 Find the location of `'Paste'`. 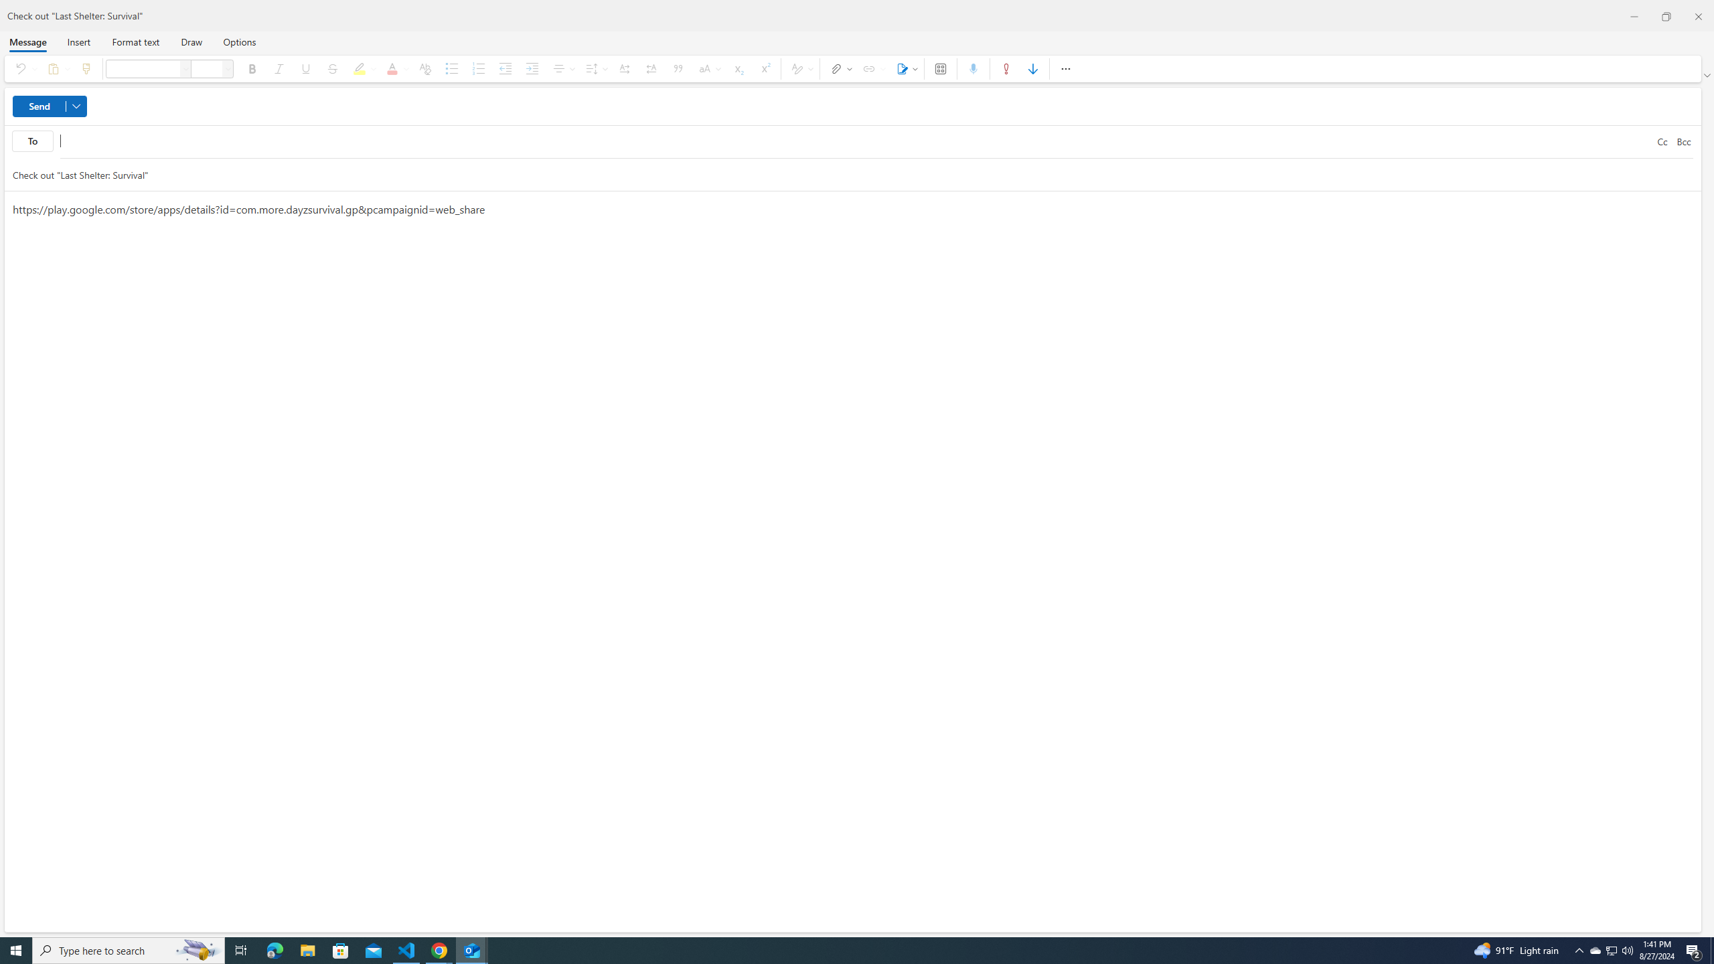

'Paste' is located at coordinates (56, 68).